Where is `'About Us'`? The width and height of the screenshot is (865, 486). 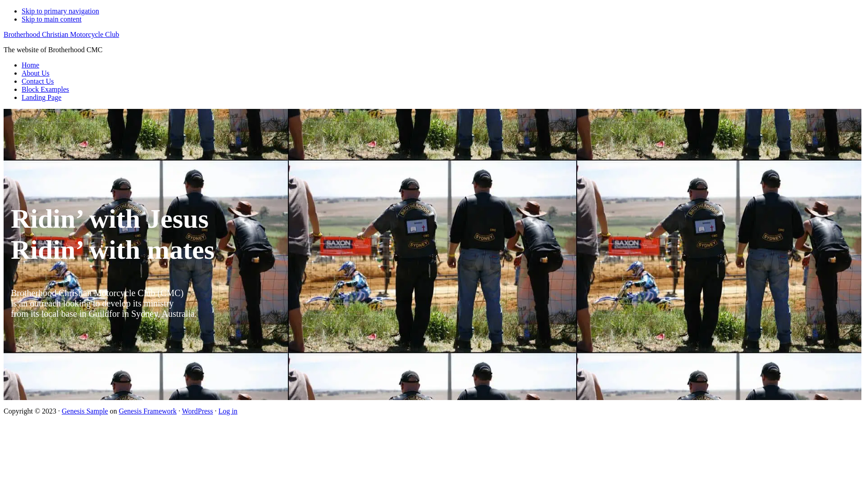 'About Us' is located at coordinates (35, 72).